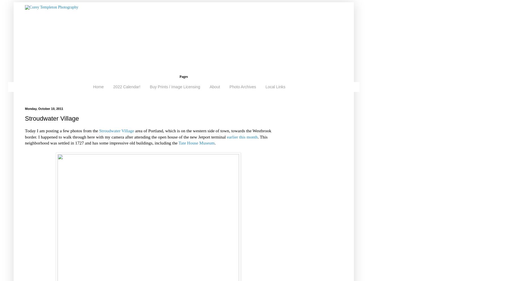 Image resolution: width=516 pixels, height=281 pixels. What do you see at coordinates (265, 87) in the screenshot?
I see `'Local Links'` at bounding box center [265, 87].